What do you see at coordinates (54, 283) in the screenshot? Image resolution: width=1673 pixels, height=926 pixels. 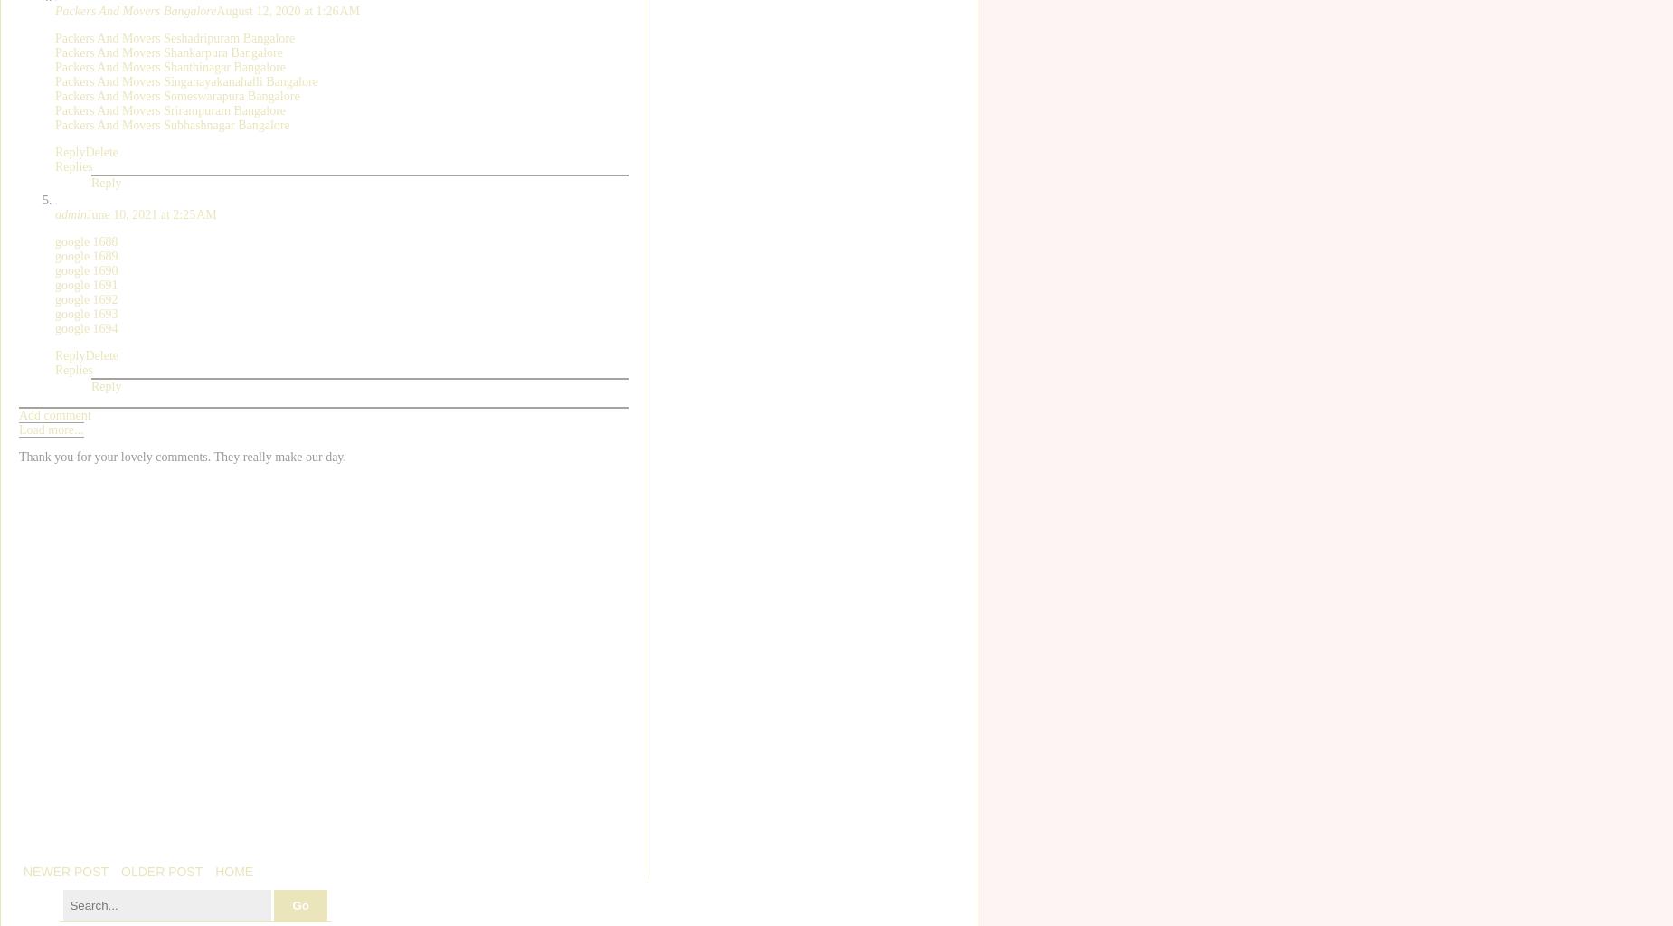 I see `'google 1691'` at bounding box center [54, 283].